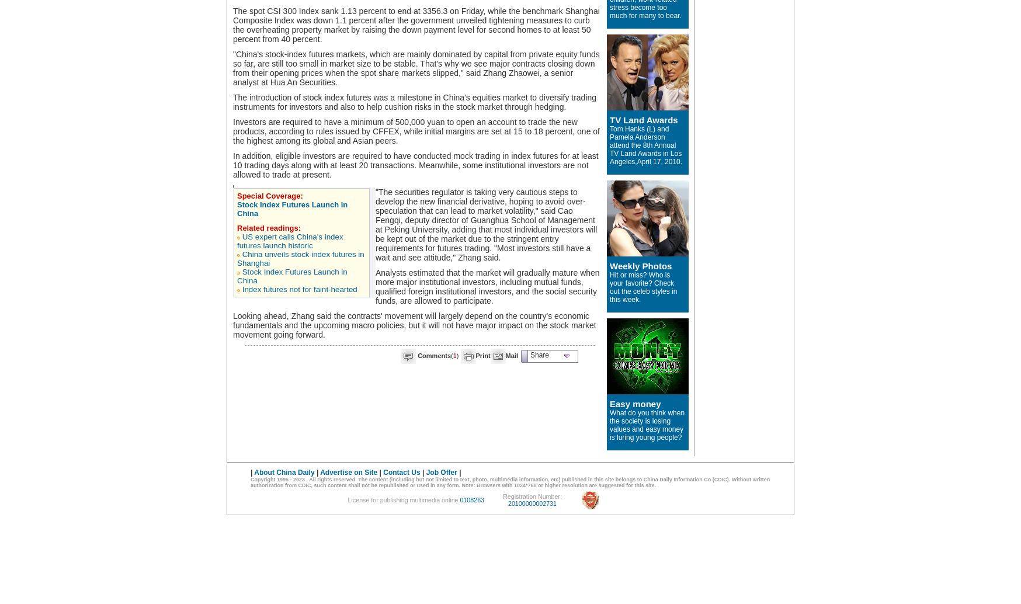 This screenshot has height=604, width=1021. What do you see at coordinates (454, 355) in the screenshot?
I see `'1'` at bounding box center [454, 355].